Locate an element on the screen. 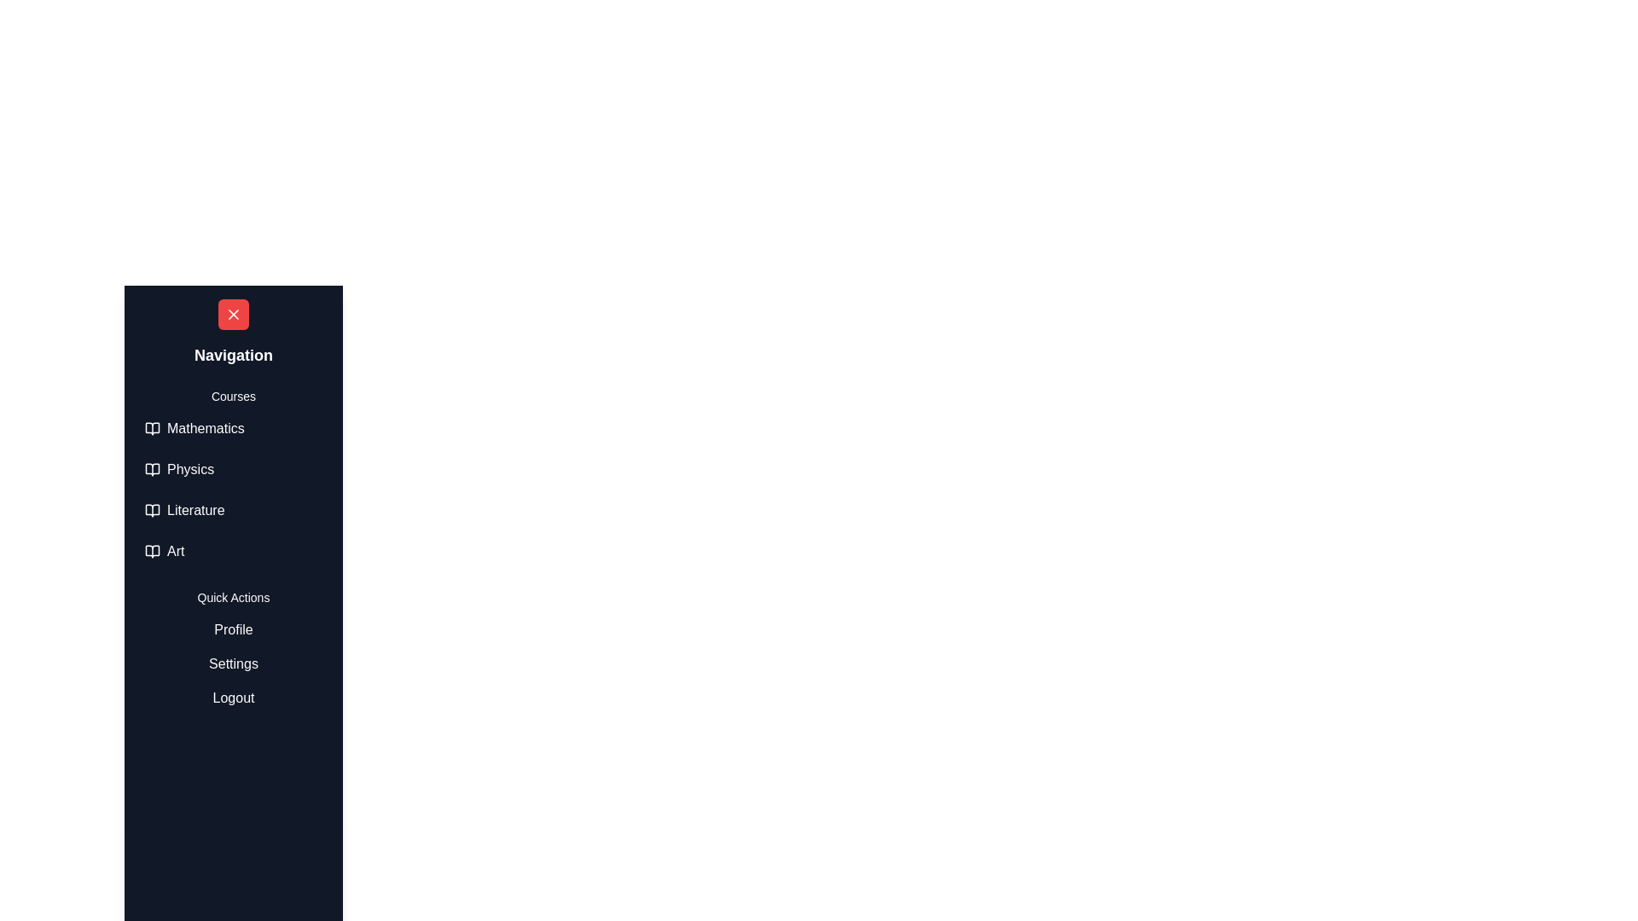  the open book icon in the navigation menu, which is adjacent to the text 'Mathematics' and located under the 'Courses' section is located at coordinates (152, 427).